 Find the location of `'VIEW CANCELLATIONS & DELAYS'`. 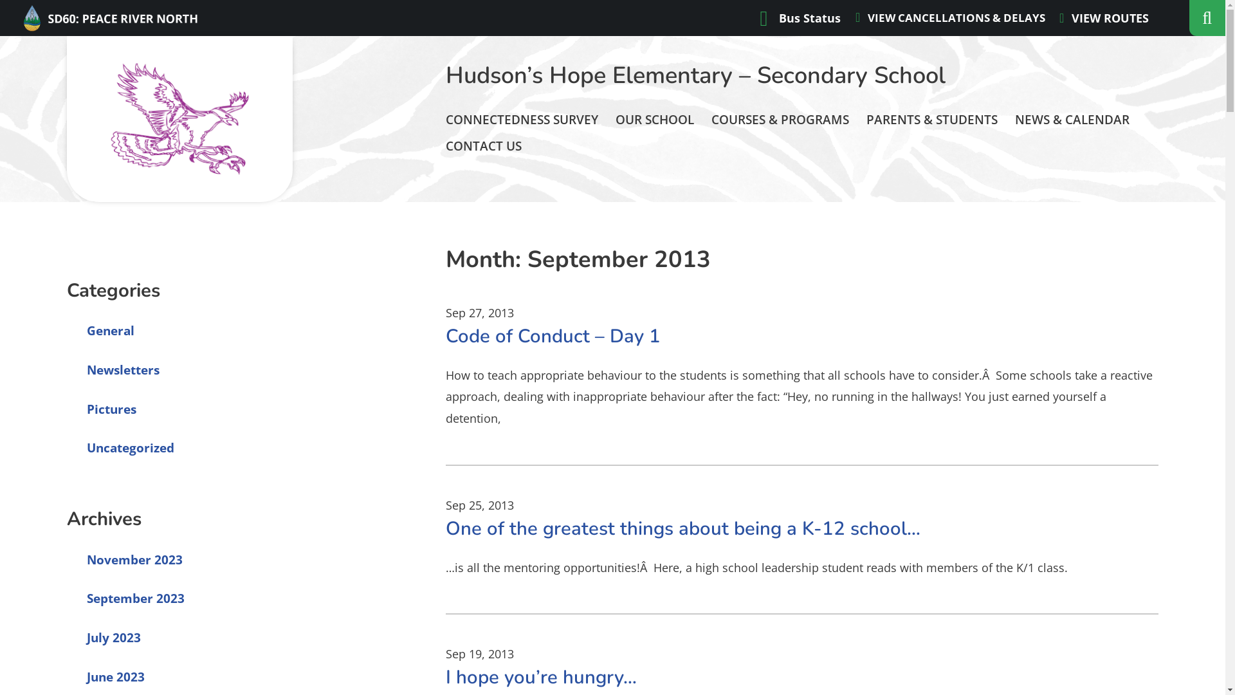

'VIEW CANCELLATIONS & DELAYS' is located at coordinates (950, 17).